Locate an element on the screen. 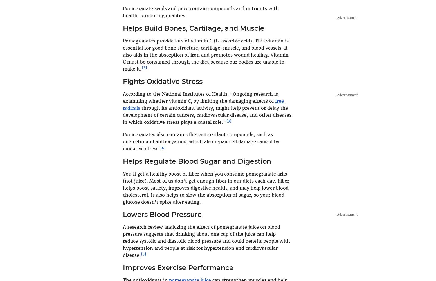 The width and height of the screenshot is (436, 281). '5' is located at coordinates (143, 253).